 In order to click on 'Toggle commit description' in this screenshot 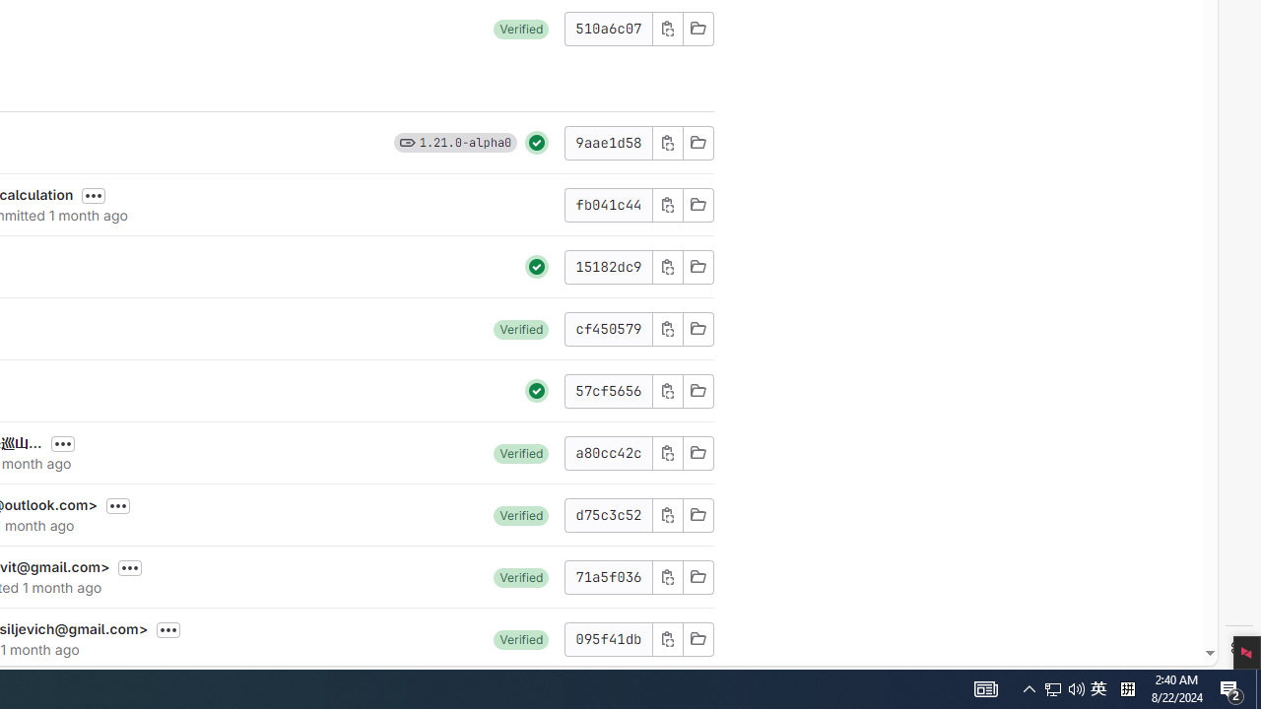, I will do `click(168, 630)`.